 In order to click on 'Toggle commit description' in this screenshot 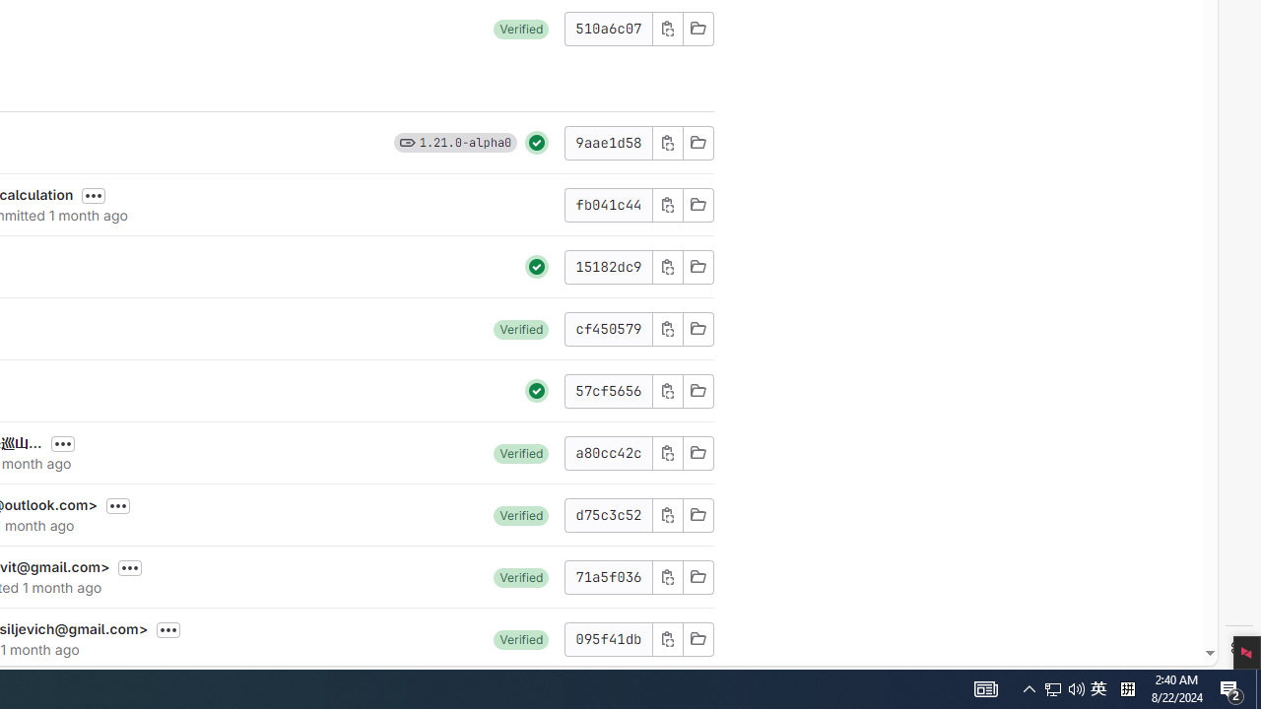, I will do `click(168, 630)`.